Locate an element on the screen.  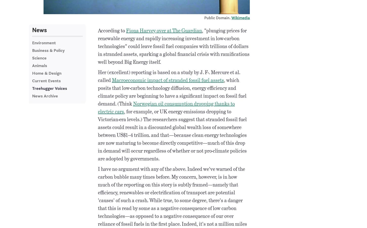
'Environment' is located at coordinates (44, 43).